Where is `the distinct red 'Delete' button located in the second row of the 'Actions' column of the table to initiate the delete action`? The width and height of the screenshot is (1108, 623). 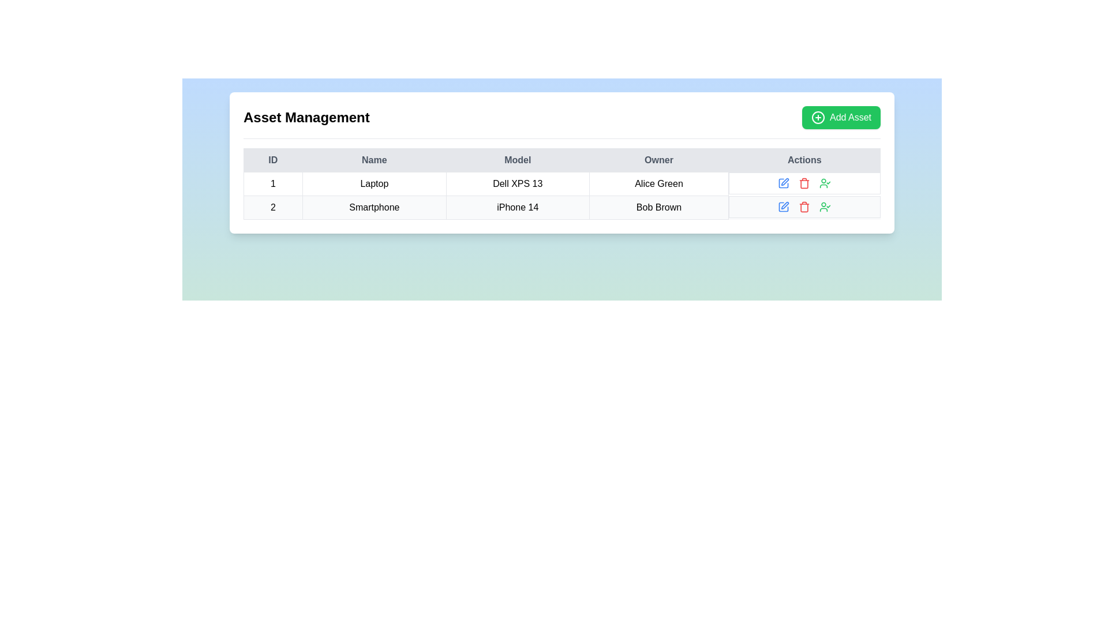 the distinct red 'Delete' button located in the second row of the 'Actions' column of the table to initiate the delete action is located at coordinates (804, 182).